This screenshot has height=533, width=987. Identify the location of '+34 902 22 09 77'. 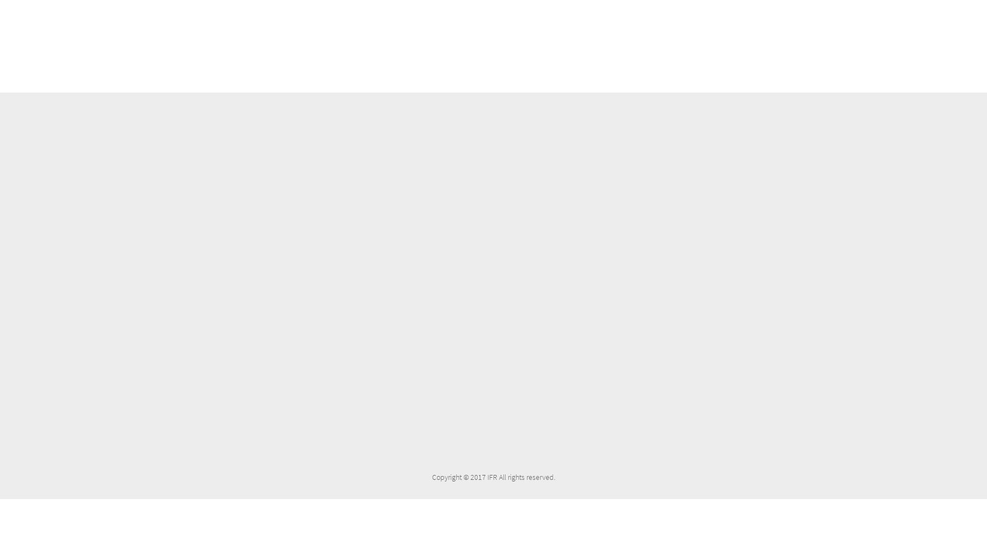
(740, 217).